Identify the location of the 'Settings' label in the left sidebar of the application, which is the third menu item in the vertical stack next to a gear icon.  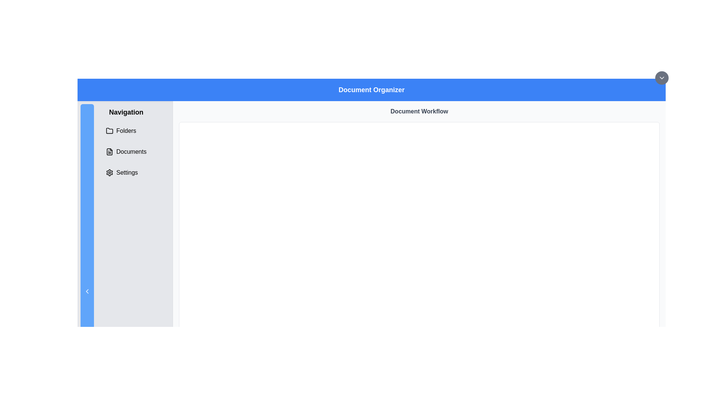
(127, 172).